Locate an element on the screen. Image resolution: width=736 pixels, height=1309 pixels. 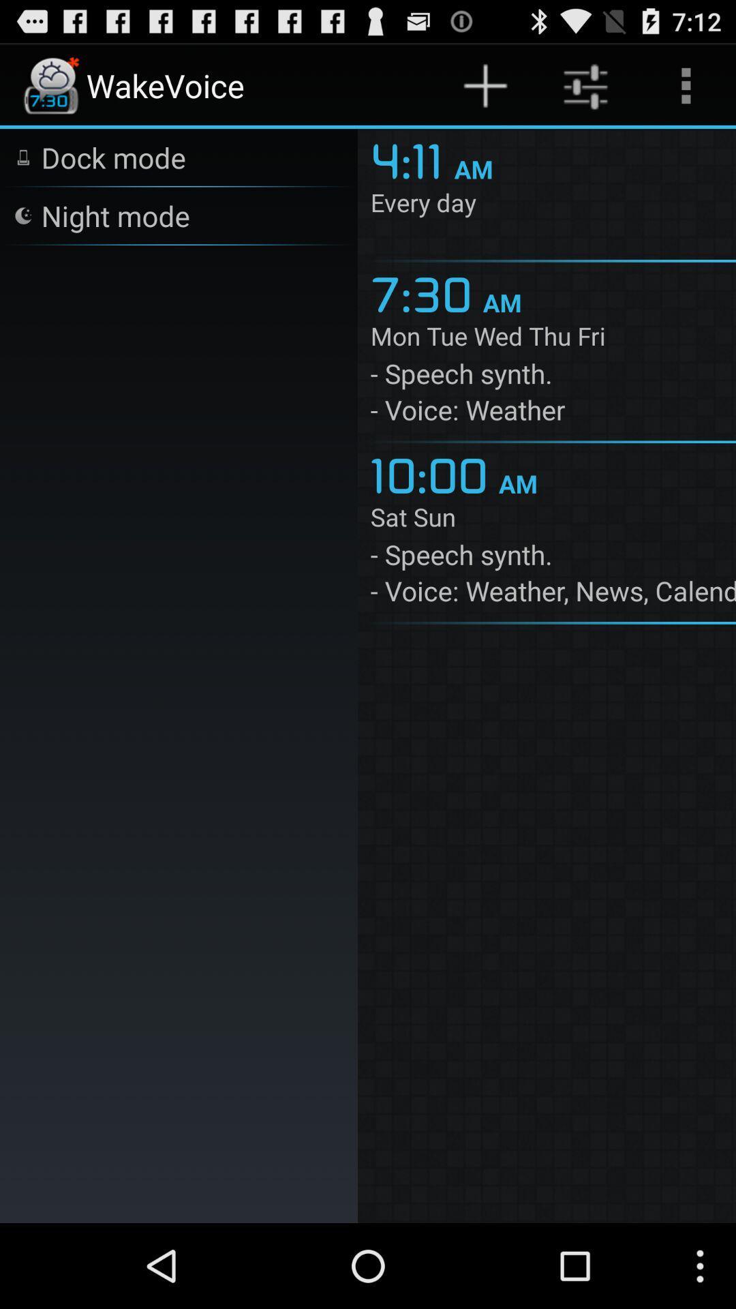
item below the 10:00 icon is located at coordinates (553, 519).